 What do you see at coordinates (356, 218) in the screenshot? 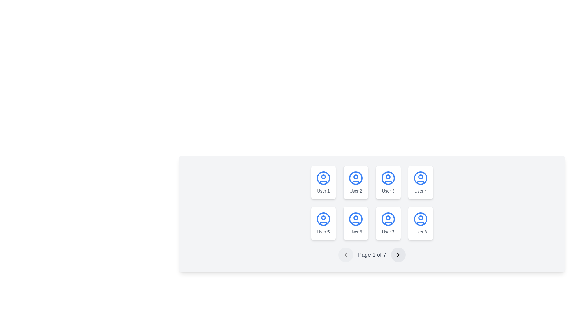
I see `the small circular SVG Circle component with a blue stroke and white fill, located at the center of 'User 6's avatar head in the second row, third column of the user cards grid` at bounding box center [356, 218].